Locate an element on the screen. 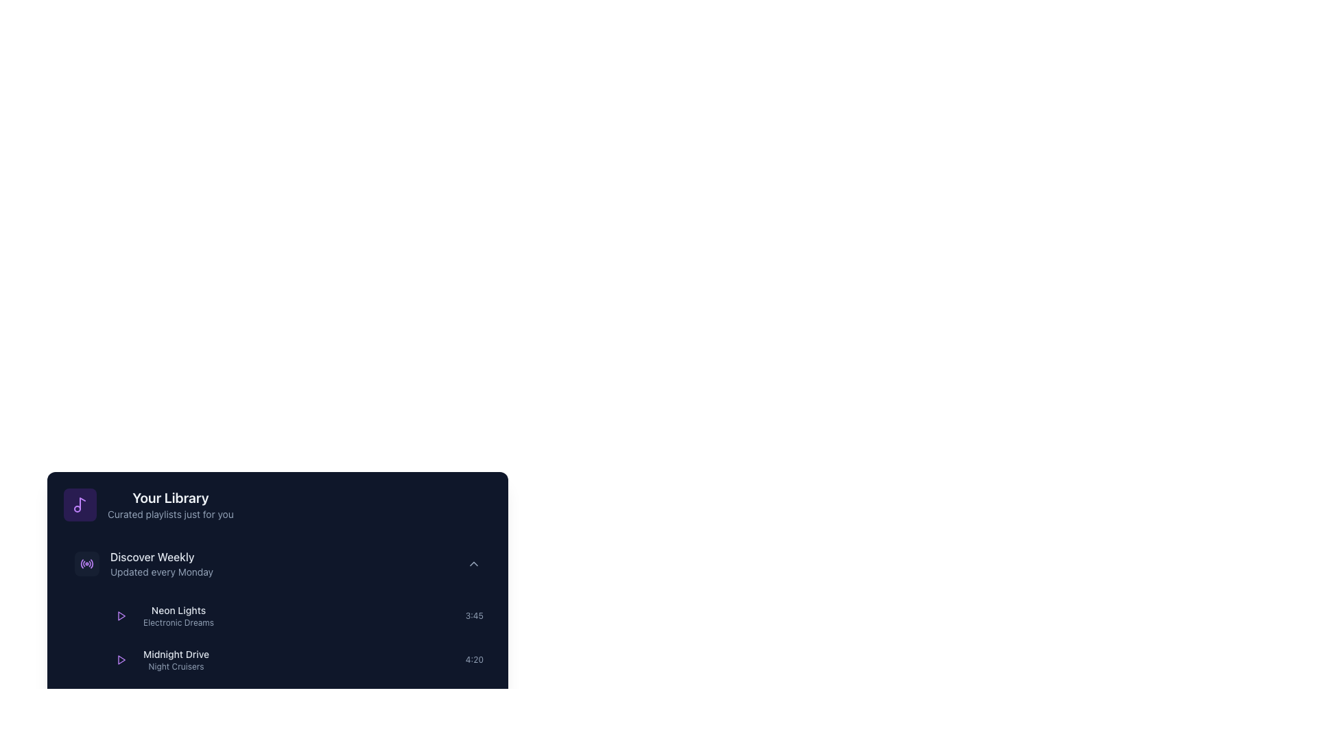 The height and width of the screenshot is (741, 1317). the clickable list item 'Midnight Drive' located in the lower section of the sidebar under 'Discover Weekly' is located at coordinates (176, 659).